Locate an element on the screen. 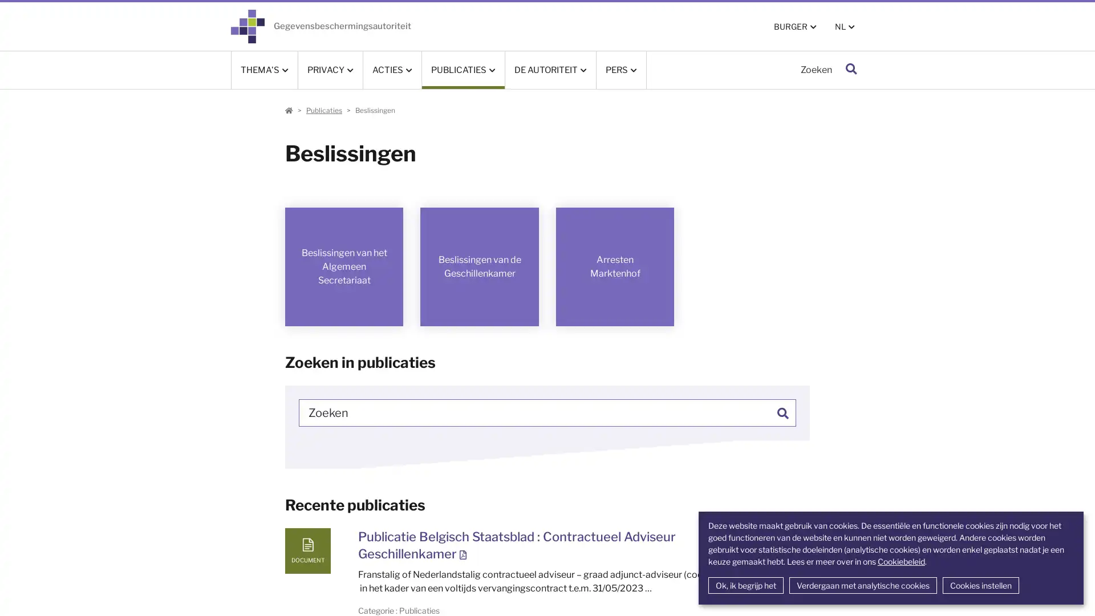 The image size is (1095, 616). Verdergaan met analytische cookies is located at coordinates (862, 585).